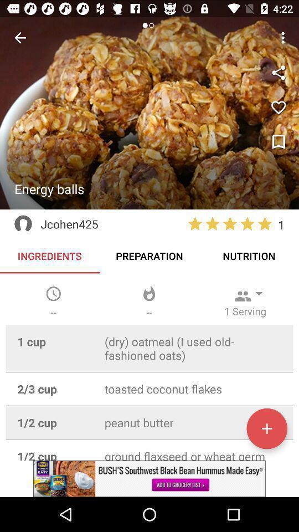 The height and width of the screenshot is (532, 299). Describe the element at coordinates (20, 38) in the screenshot. I see `go back` at that location.